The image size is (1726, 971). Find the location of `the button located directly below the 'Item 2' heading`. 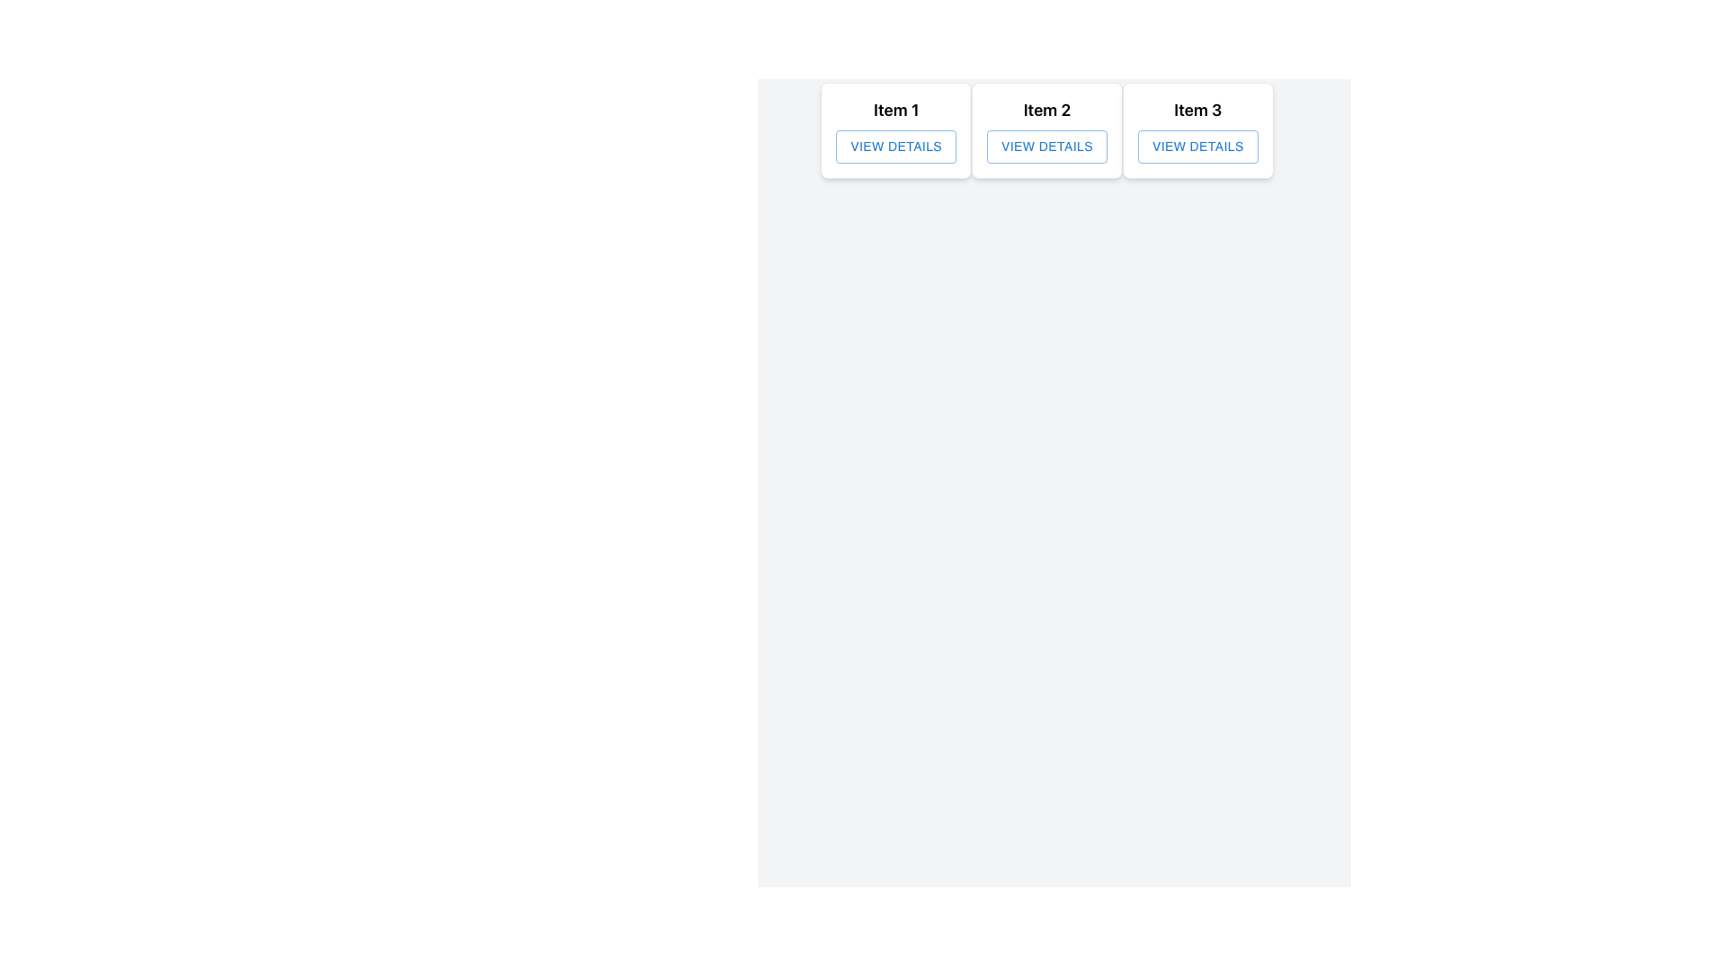

the button located directly below the 'Item 2' heading is located at coordinates (1047, 146).